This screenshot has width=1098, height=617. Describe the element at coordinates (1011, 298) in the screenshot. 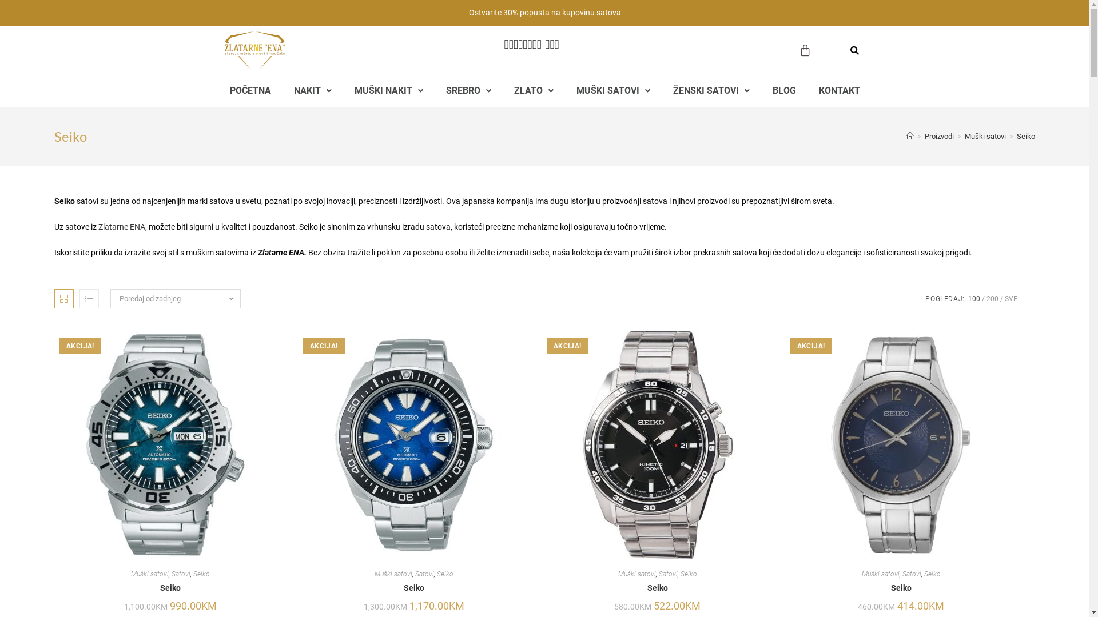

I see `'SVE'` at that location.